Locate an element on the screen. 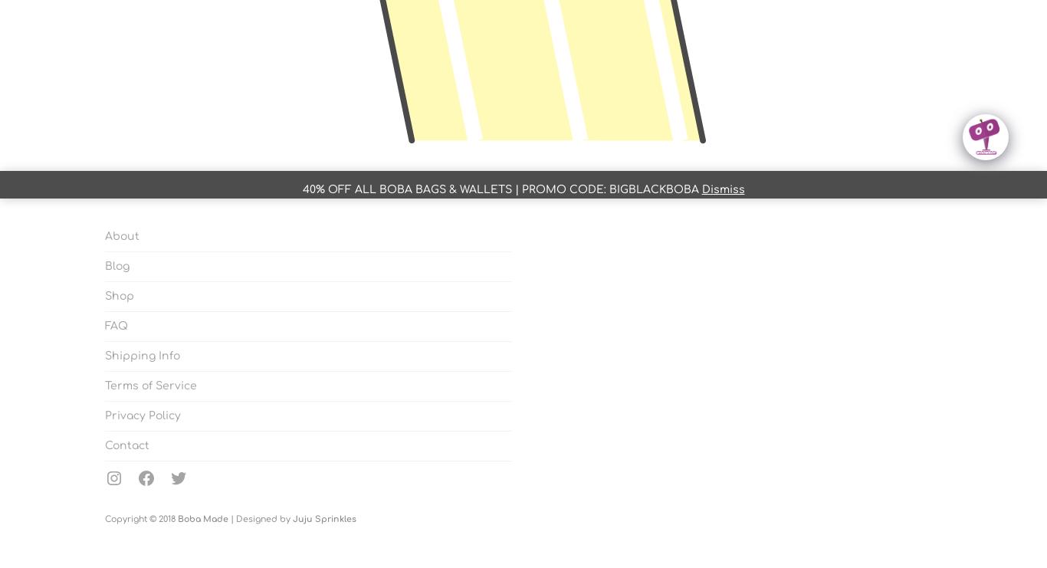  'Dismiss' is located at coordinates (722, 188).